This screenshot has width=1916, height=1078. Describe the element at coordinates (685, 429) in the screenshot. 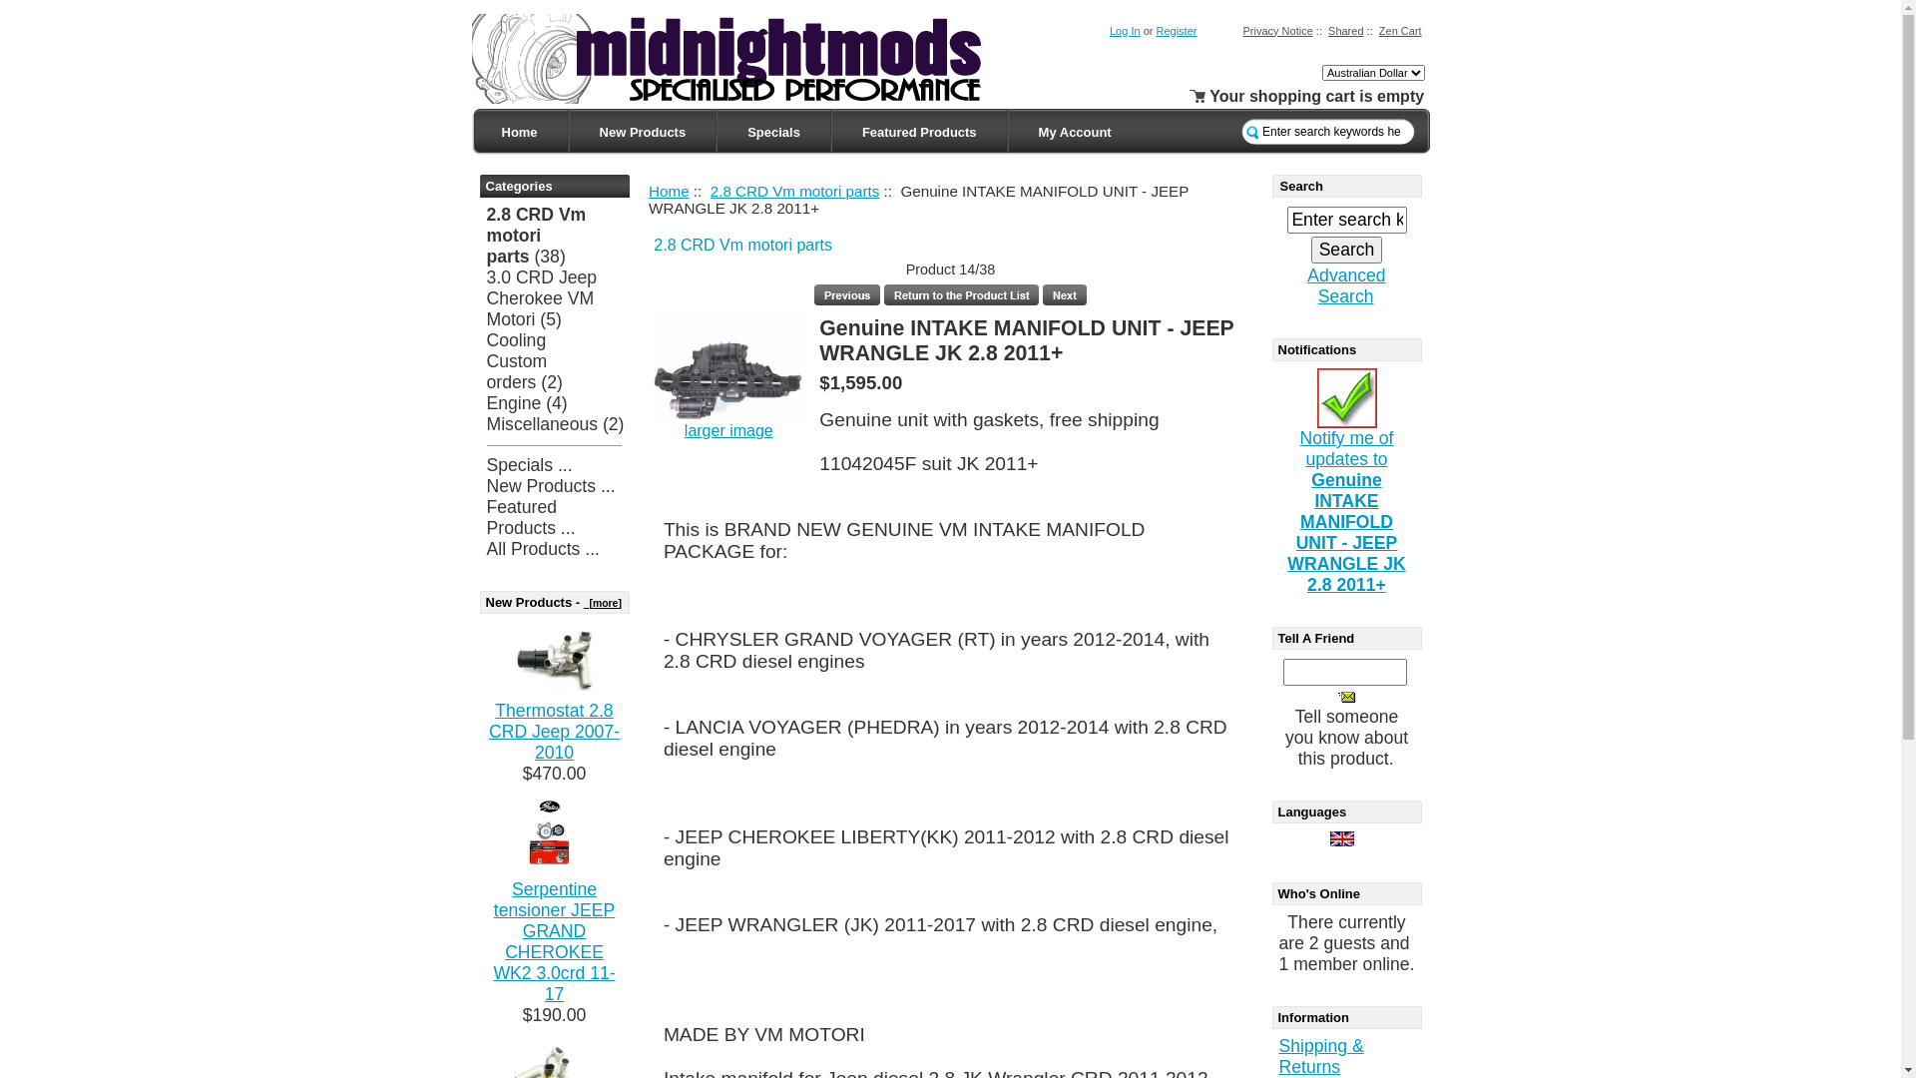

I see `'larger image'` at that location.